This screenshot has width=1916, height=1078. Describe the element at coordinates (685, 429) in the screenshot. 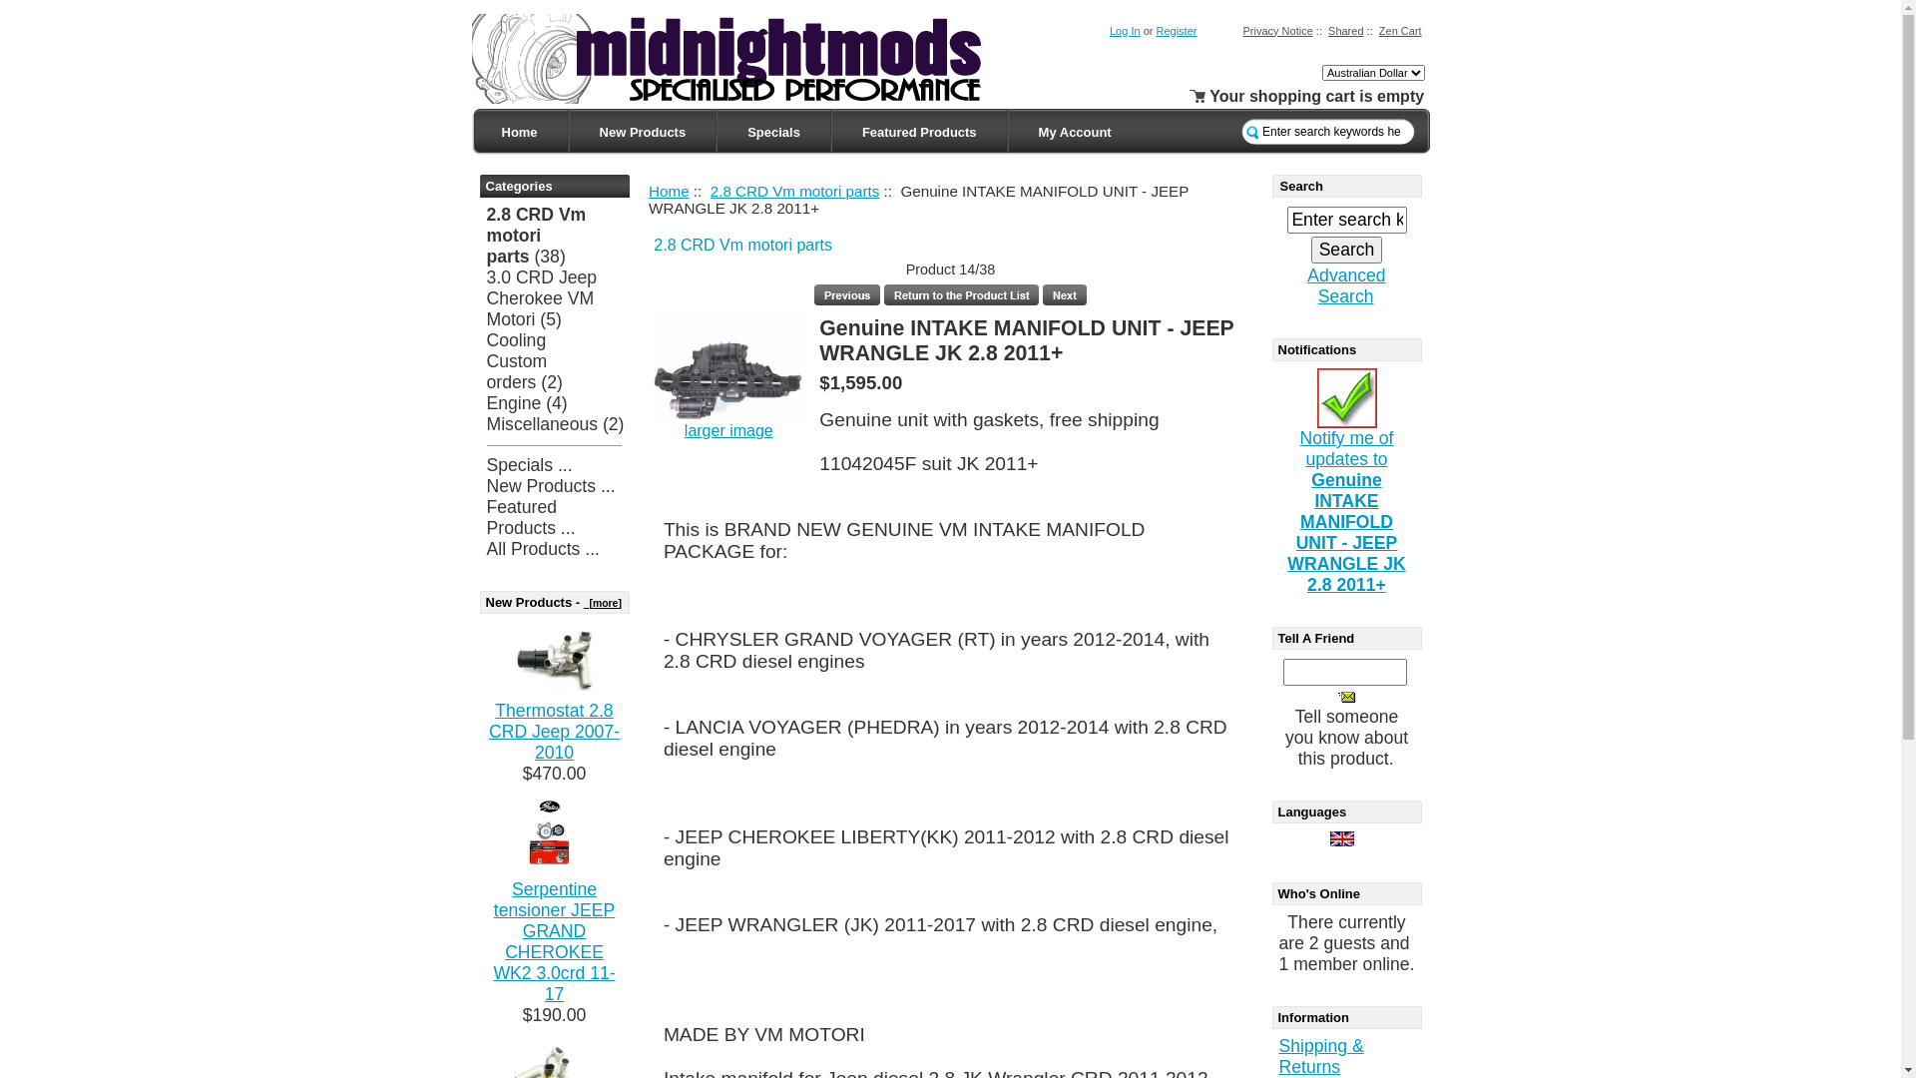

I see `'larger image'` at that location.